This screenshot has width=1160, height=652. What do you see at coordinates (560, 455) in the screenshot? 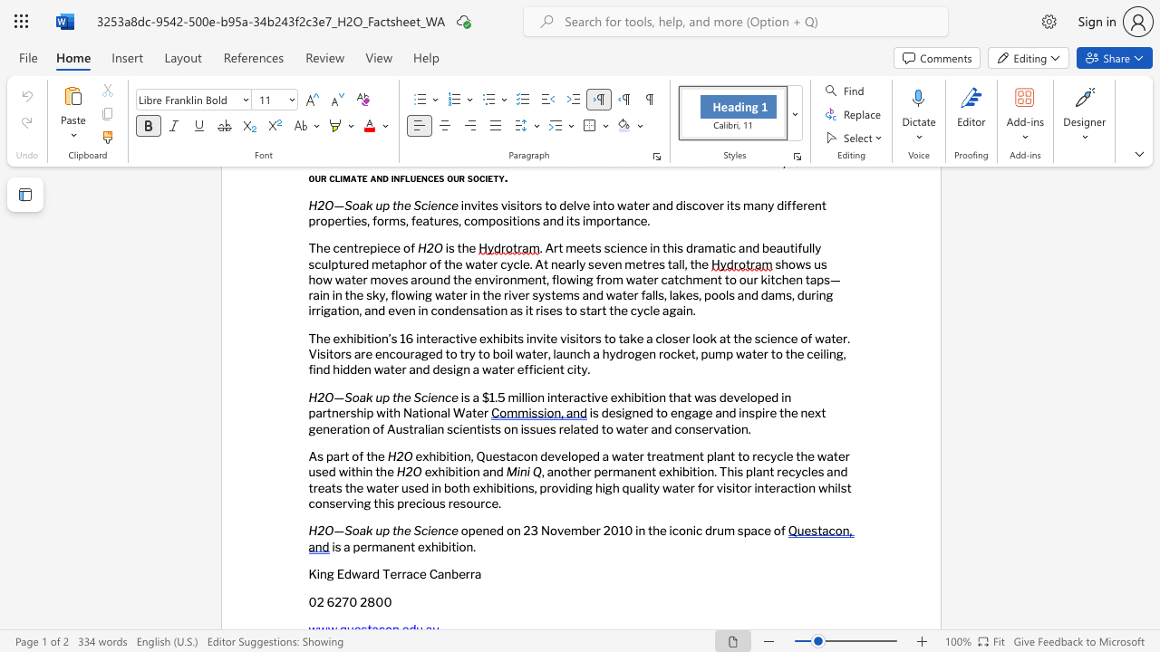
I see `the subset text "eloped a water treat" within the text "exhibition, Questacon developed a water treatment plant to recycle the water used within the"` at bounding box center [560, 455].